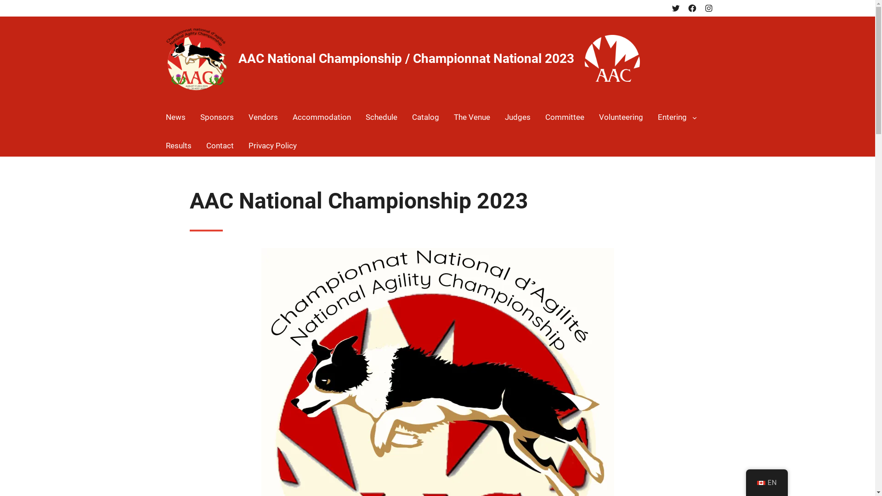  Describe the element at coordinates (746, 482) in the screenshot. I see `'EN'` at that location.